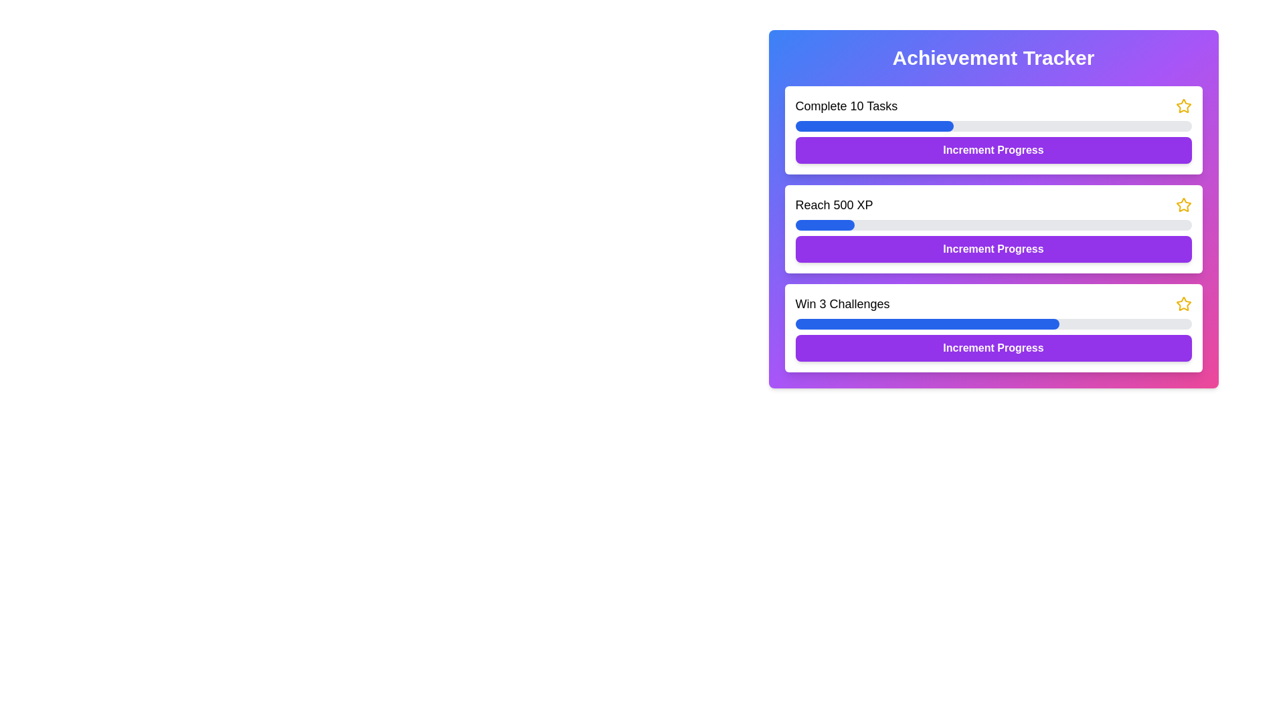  What do you see at coordinates (993, 347) in the screenshot?
I see `the button located beneath the progress bar in the Achievement Tracker panel for the task labeled 'Win 3 Challenges'` at bounding box center [993, 347].